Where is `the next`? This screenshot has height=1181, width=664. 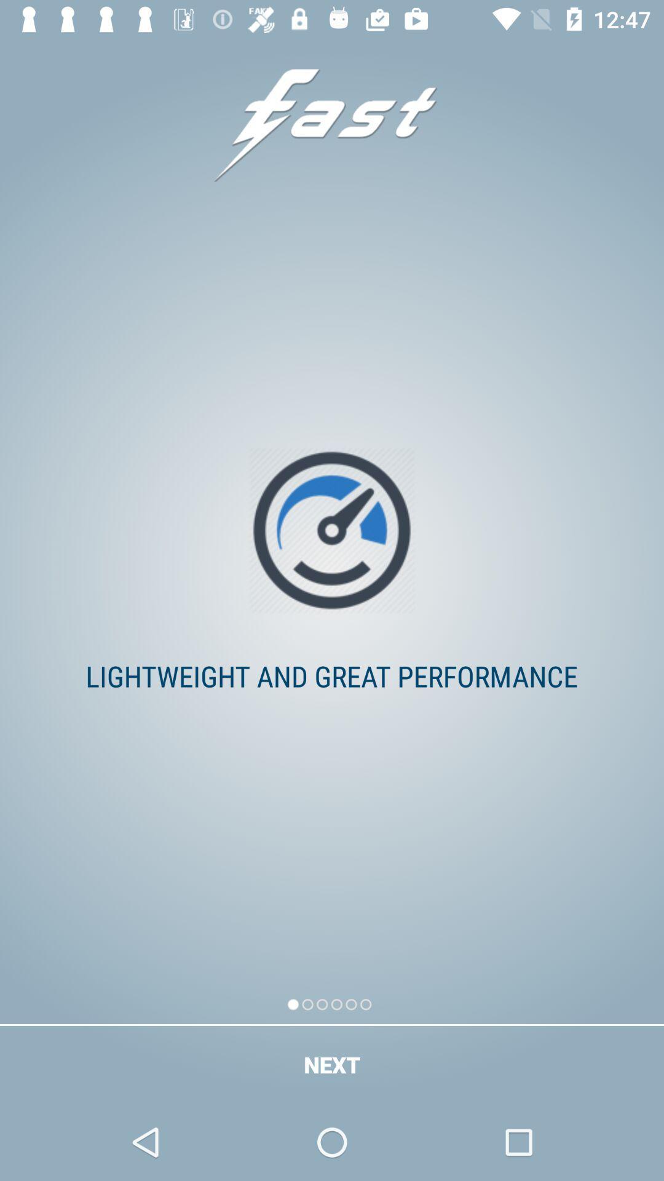
the next is located at coordinates (332, 1064).